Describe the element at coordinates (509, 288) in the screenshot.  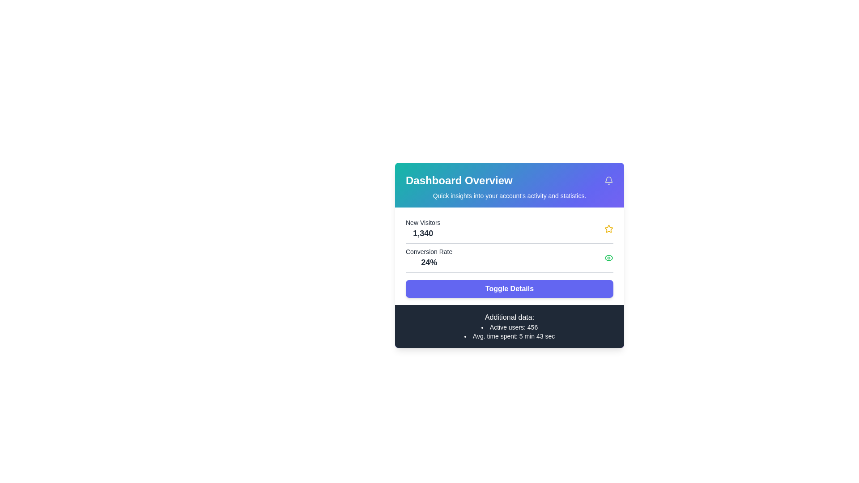
I see `the toggle details button located at the bottom section of the card layout` at that location.